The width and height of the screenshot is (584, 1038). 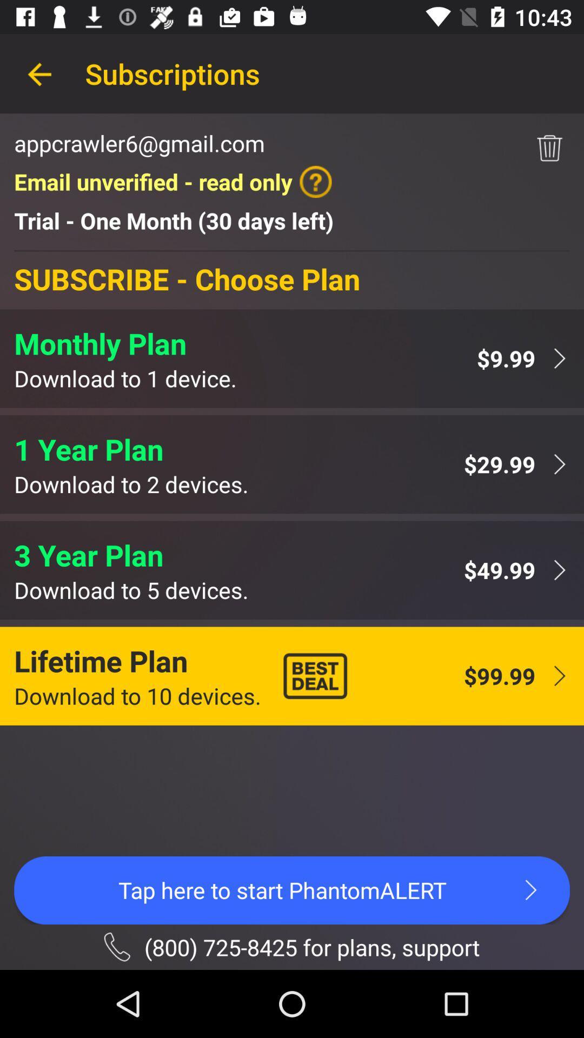 I want to click on app above the 800 725 8425 app, so click(x=292, y=890).